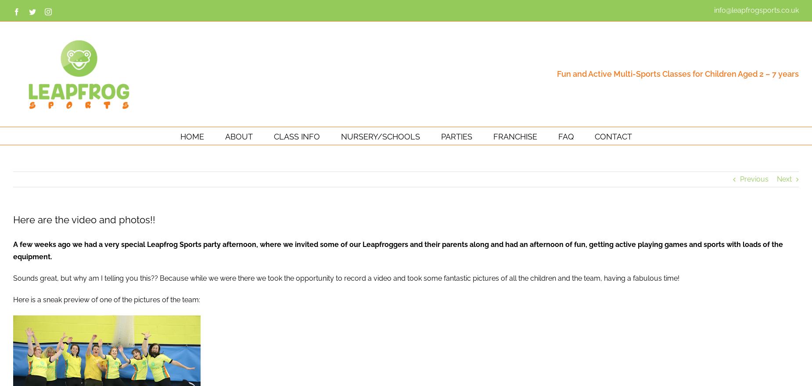  What do you see at coordinates (191, 136) in the screenshot?
I see `'HOME'` at bounding box center [191, 136].